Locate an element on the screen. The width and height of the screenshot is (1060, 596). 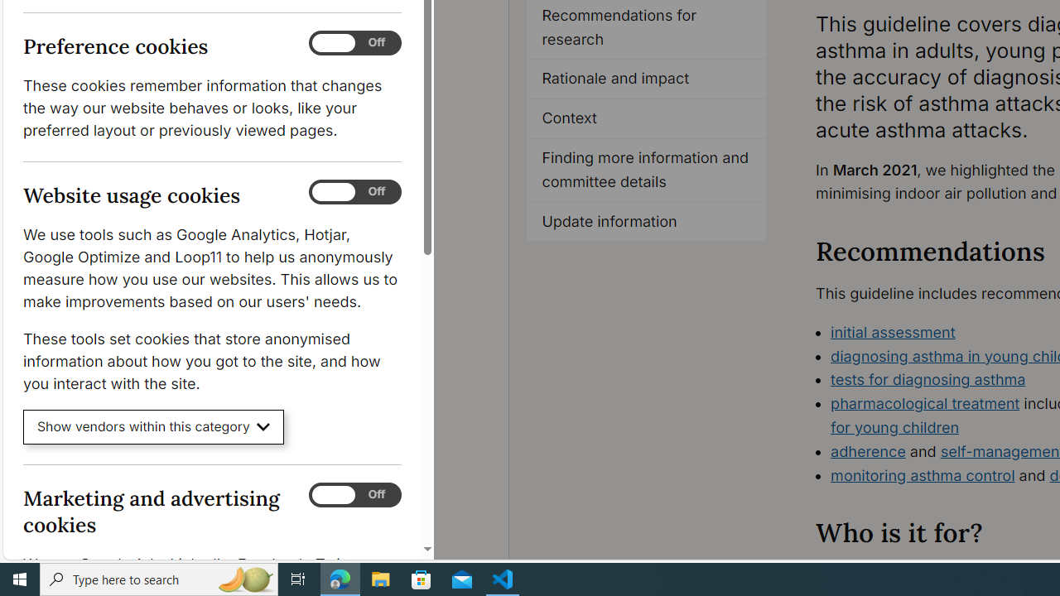
'Update information' is located at coordinates (645, 221).